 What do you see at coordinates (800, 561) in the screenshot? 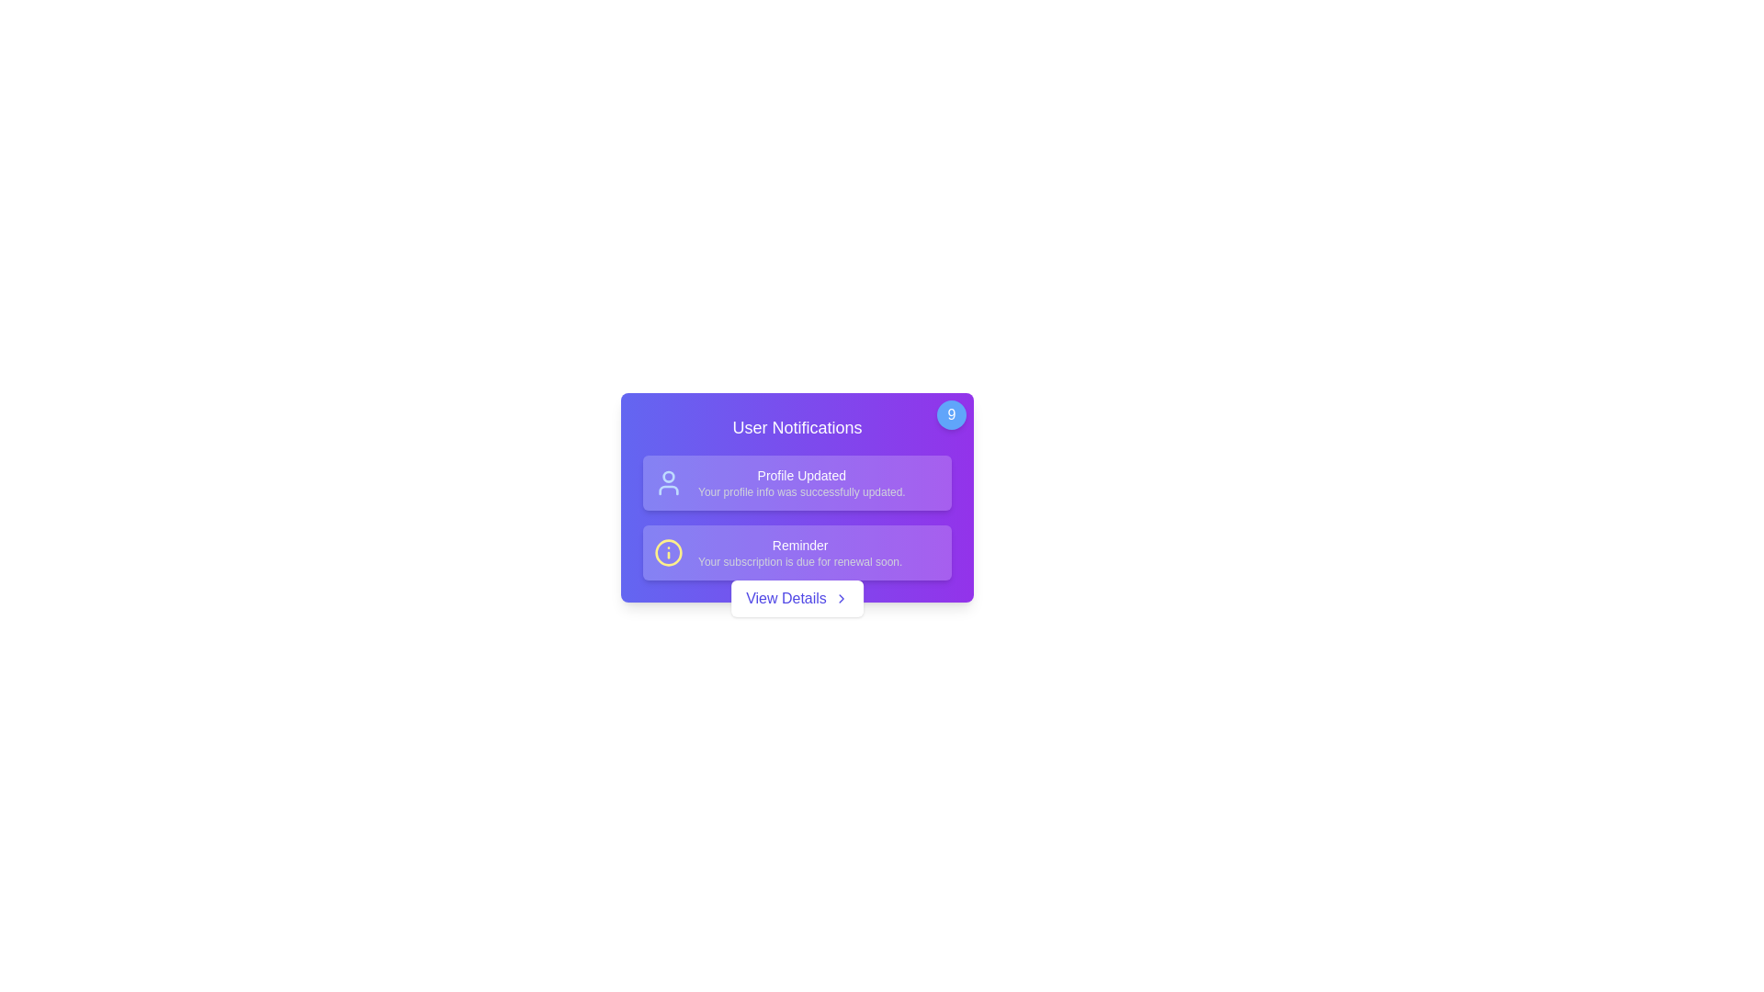
I see `the text label that provides additional information related to the notification titled 'Reminder', positioned beneath the primary label within the notification card` at bounding box center [800, 561].